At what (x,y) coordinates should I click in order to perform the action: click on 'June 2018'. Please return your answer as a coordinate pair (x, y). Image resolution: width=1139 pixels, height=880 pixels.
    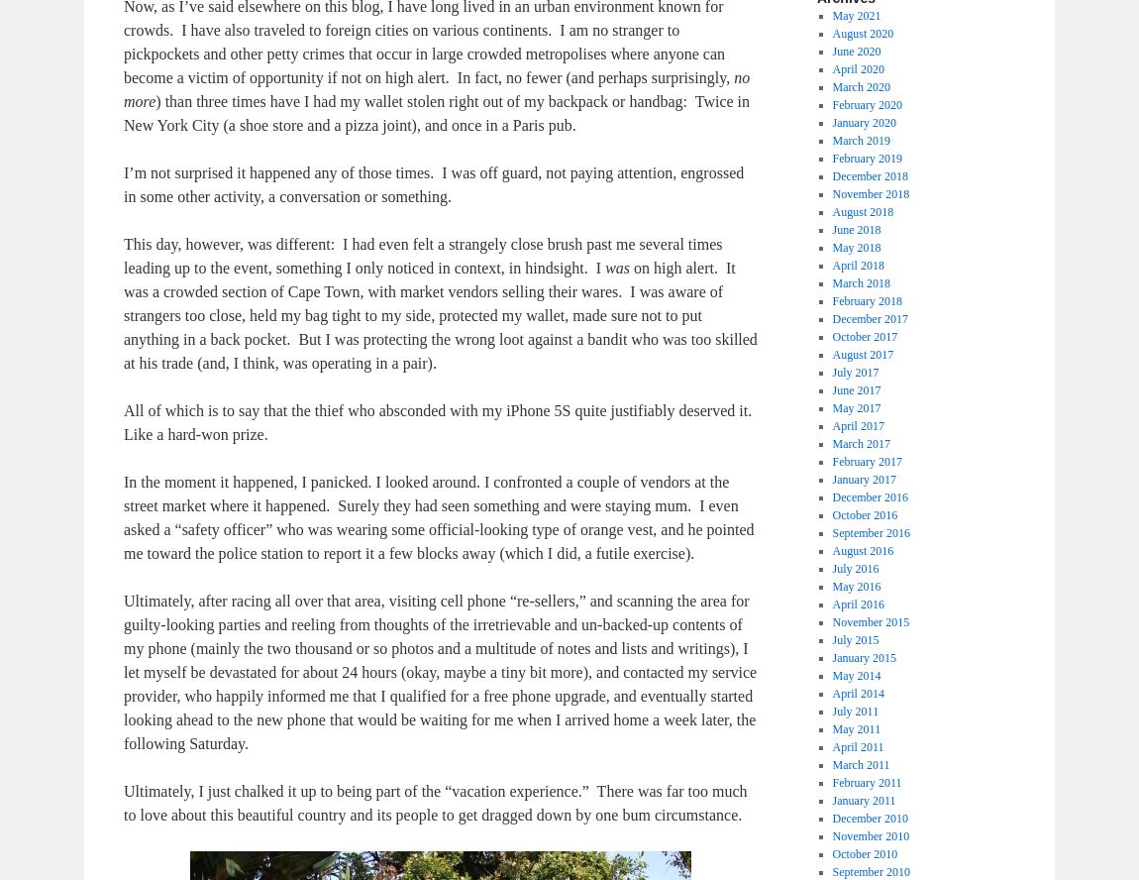
    Looking at the image, I should click on (830, 230).